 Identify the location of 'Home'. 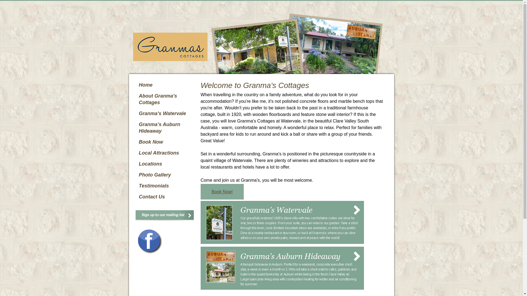
(136, 85).